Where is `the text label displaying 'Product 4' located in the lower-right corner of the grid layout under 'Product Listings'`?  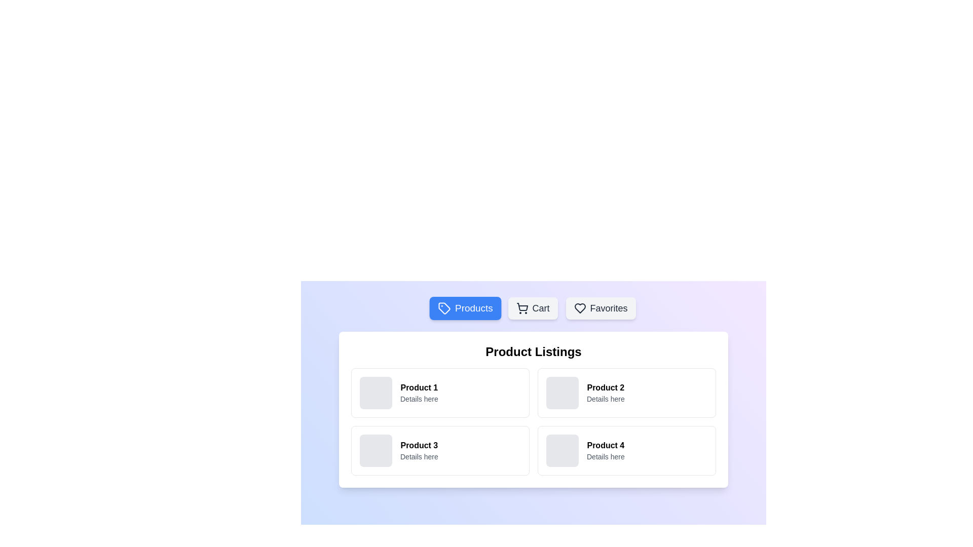 the text label displaying 'Product 4' located in the lower-right corner of the grid layout under 'Product Listings' is located at coordinates (606, 445).